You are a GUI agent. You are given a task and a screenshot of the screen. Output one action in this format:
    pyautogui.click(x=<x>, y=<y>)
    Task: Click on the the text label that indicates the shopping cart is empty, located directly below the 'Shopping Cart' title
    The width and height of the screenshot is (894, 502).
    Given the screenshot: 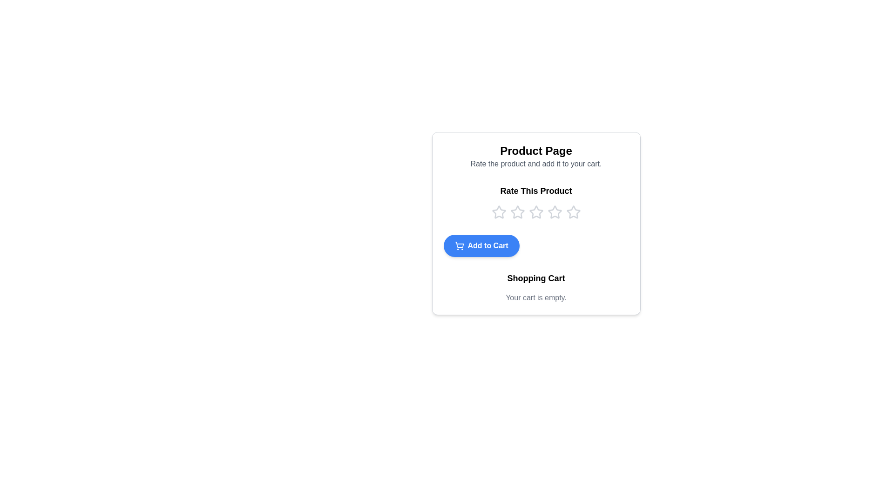 What is the action you would take?
    pyautogui.click(x=536, y=297)
    